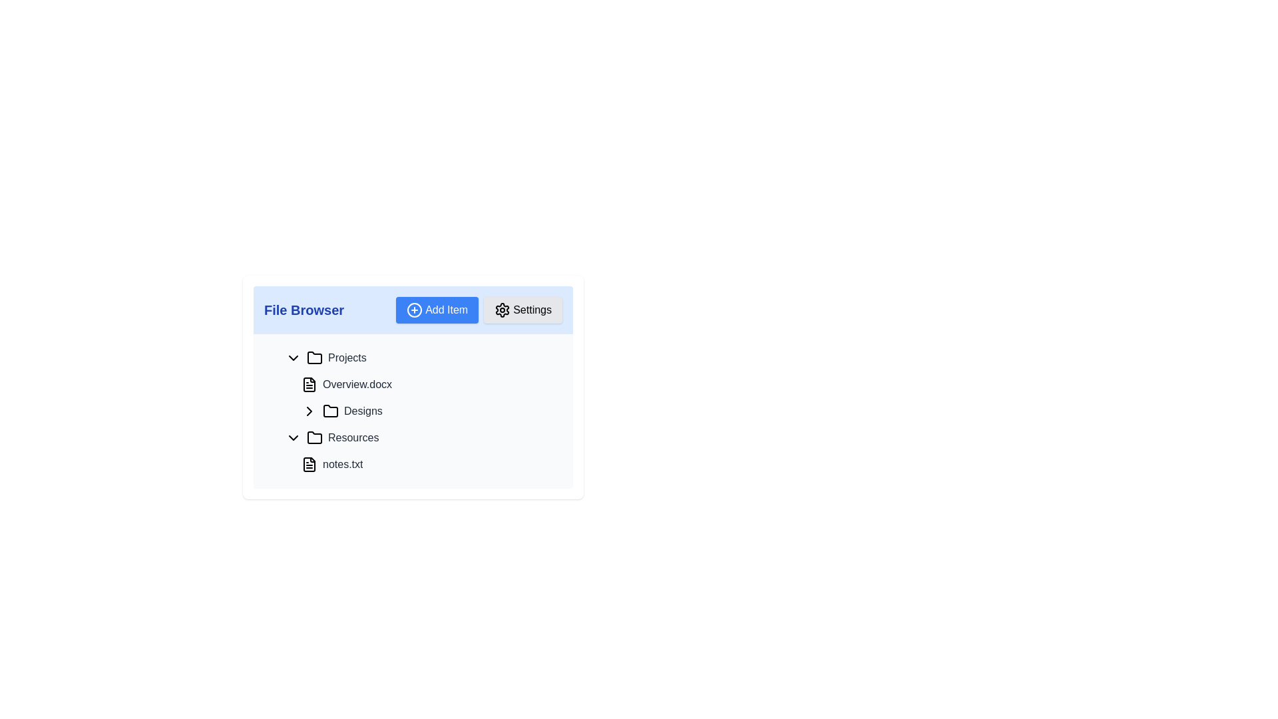 This screenshot has width=1278, height=719. What do you see at coordinates (314, 356) in the screenshot?
I see `the first folder icon in the file browser panel, located next to the 'Projects' label` at bounding box center [314, 356].